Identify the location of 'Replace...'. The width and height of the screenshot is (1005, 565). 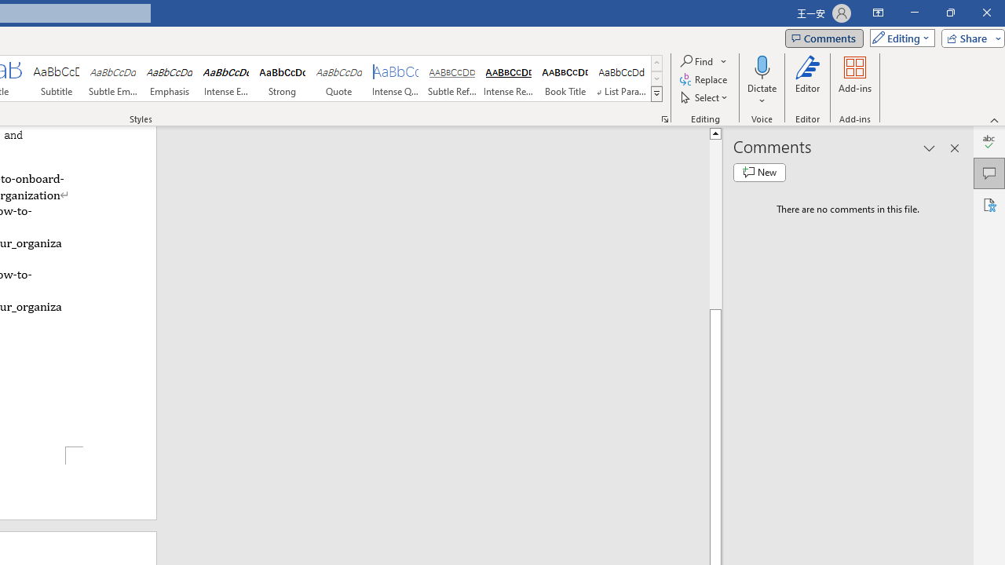
(703, 79).